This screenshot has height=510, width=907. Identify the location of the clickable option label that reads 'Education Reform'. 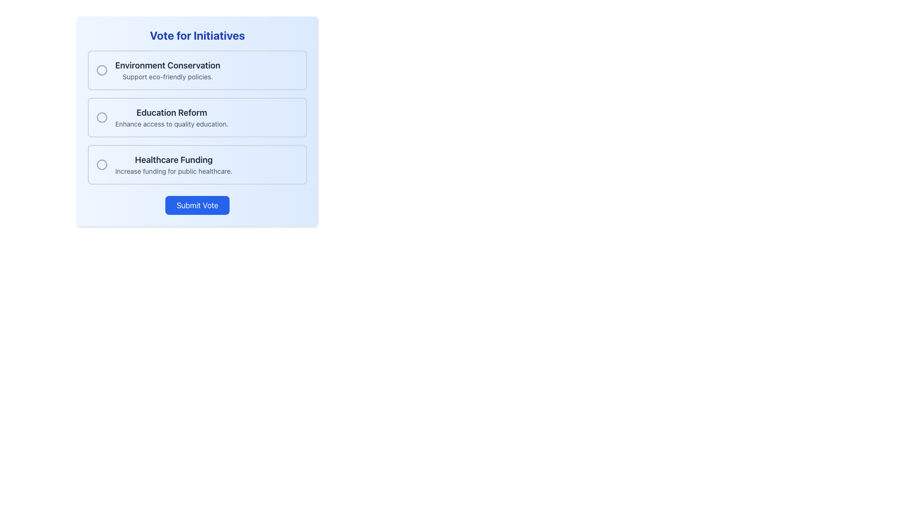
(171, 117).